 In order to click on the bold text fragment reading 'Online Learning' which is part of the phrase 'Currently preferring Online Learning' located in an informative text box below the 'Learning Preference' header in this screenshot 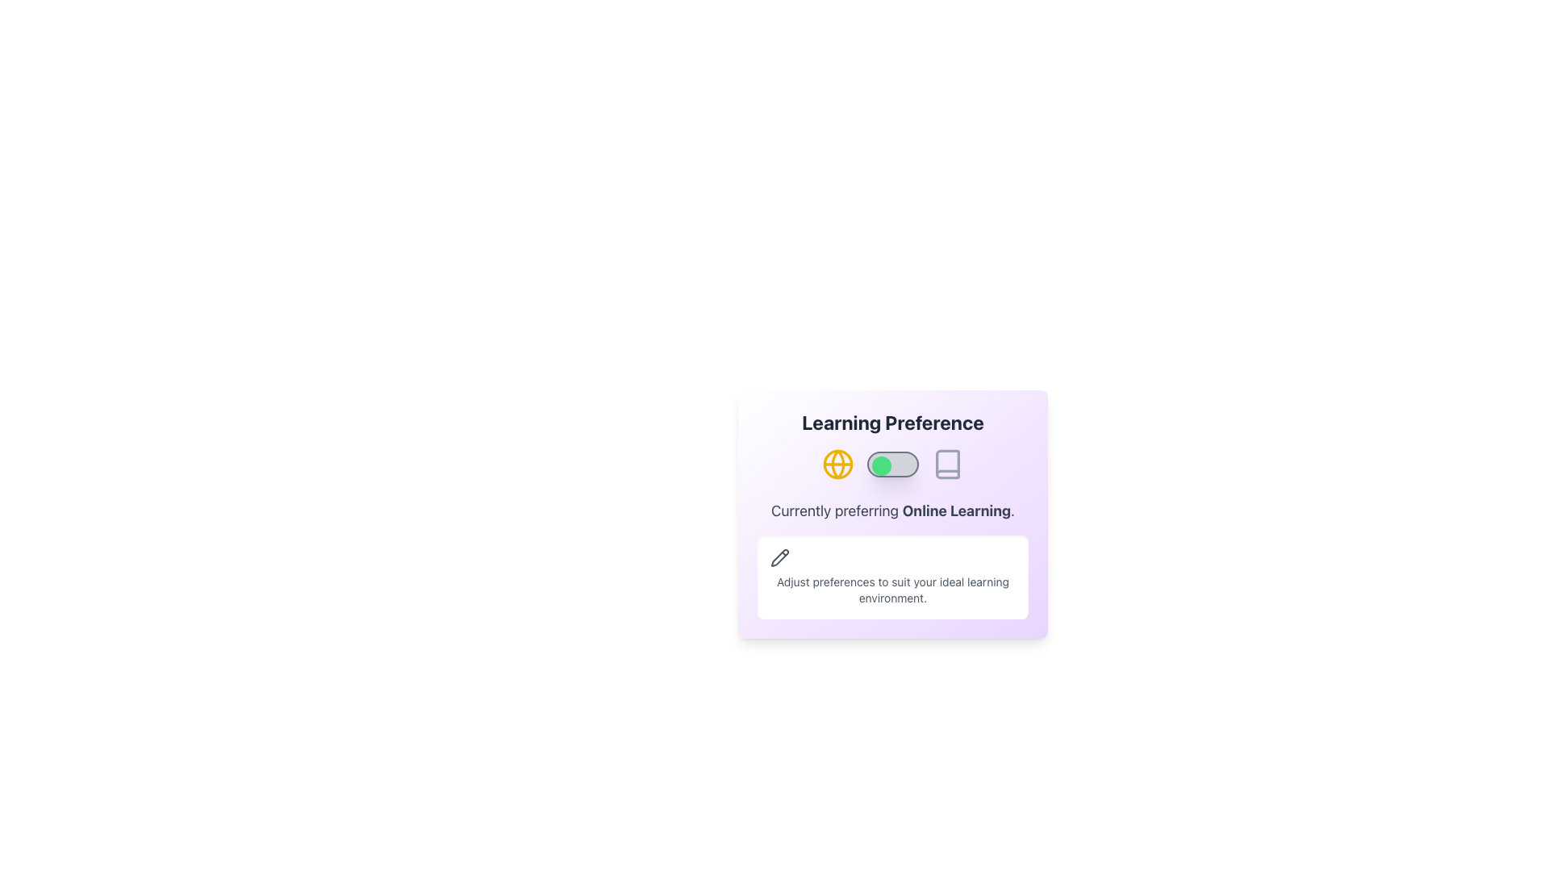, I will do `click(956, 511)`.